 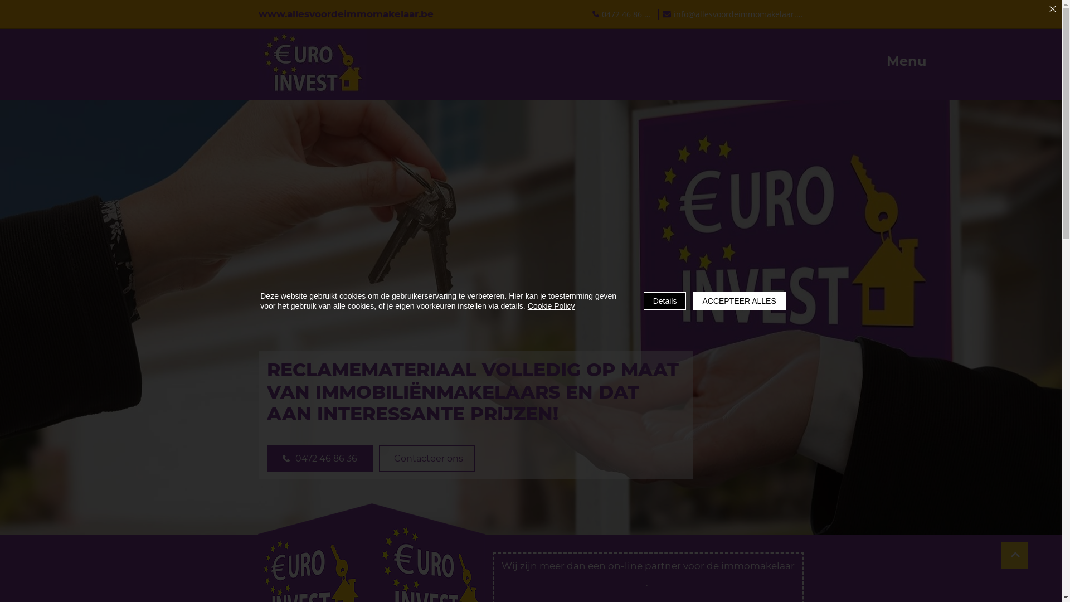 What do you see at coordinates (379, 458) in the screenshot?
I see `'Contacteer ons'` at bounding box center [379, 458].